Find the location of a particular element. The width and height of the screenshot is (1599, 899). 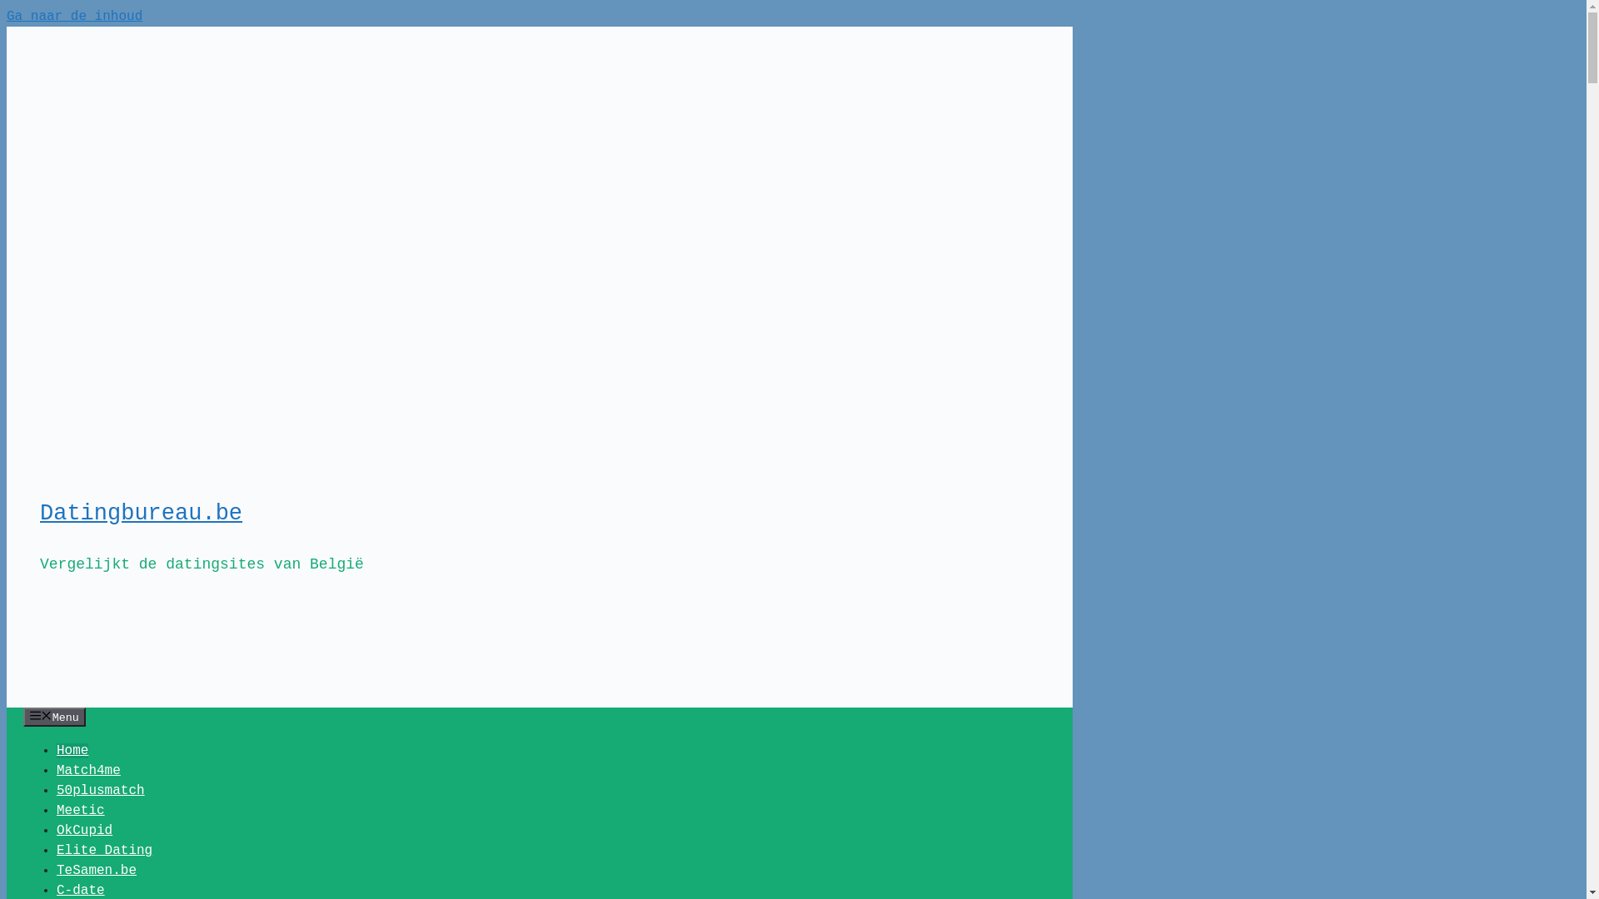

'Ga naar de inhoud' is located at coordinates (73, 16).